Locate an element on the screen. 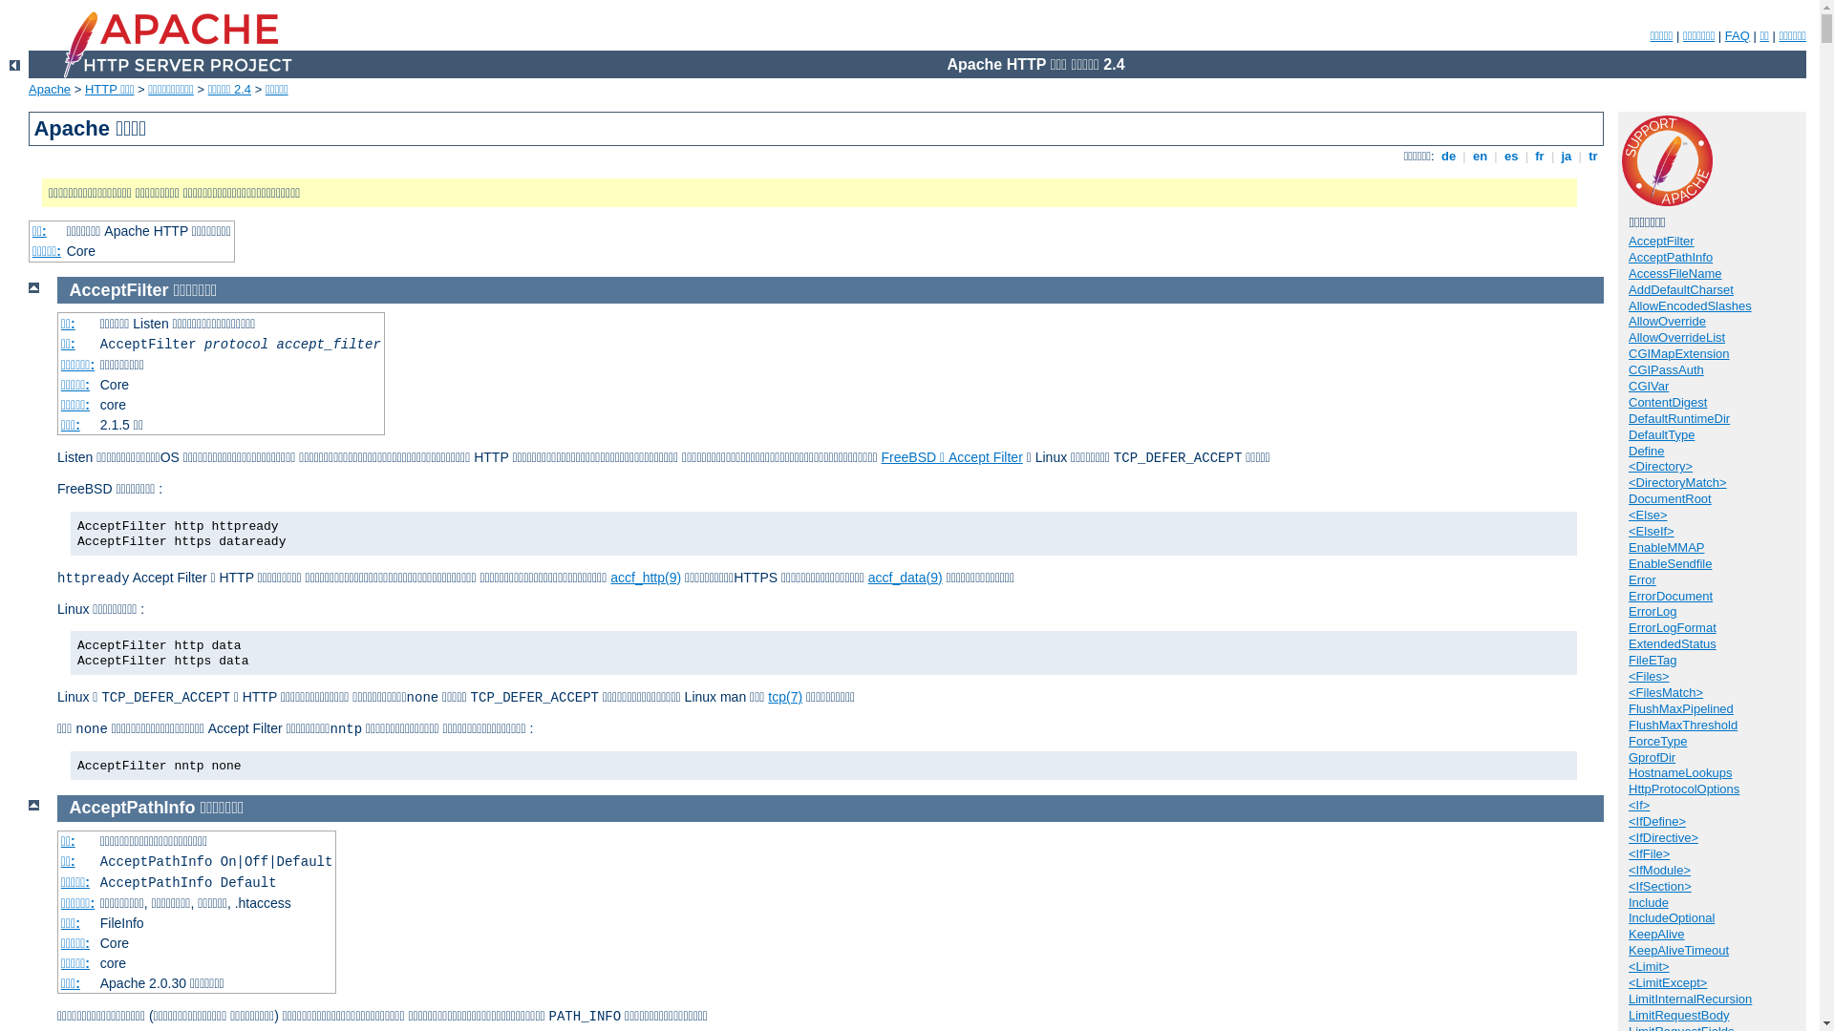 The width and height of the screenshot is (1834, 1031). 'EnableMMAP' is located at coordinates (1665, 547).